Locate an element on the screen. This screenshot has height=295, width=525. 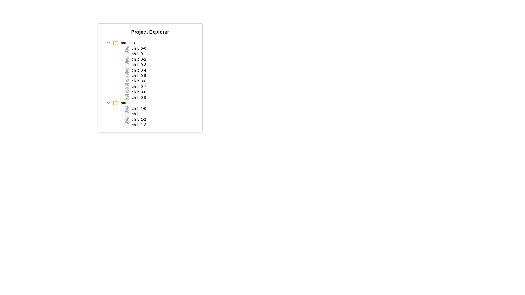
the bold text labeled 'Project Explorer' located at the top of the panel is located at coordinates (150, 32).